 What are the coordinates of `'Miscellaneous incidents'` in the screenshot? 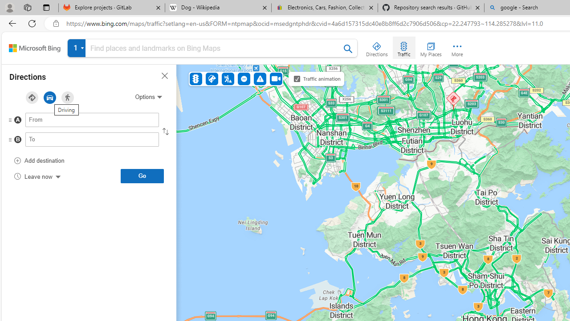 It's located at (259, 78).